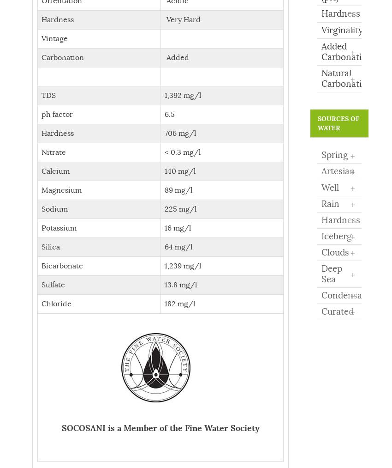 The height and width of the screenshot is (468, 392). Describe the element at coordinates (163, 132) in the screenshot. I see `'706 mg/l'` at that location.